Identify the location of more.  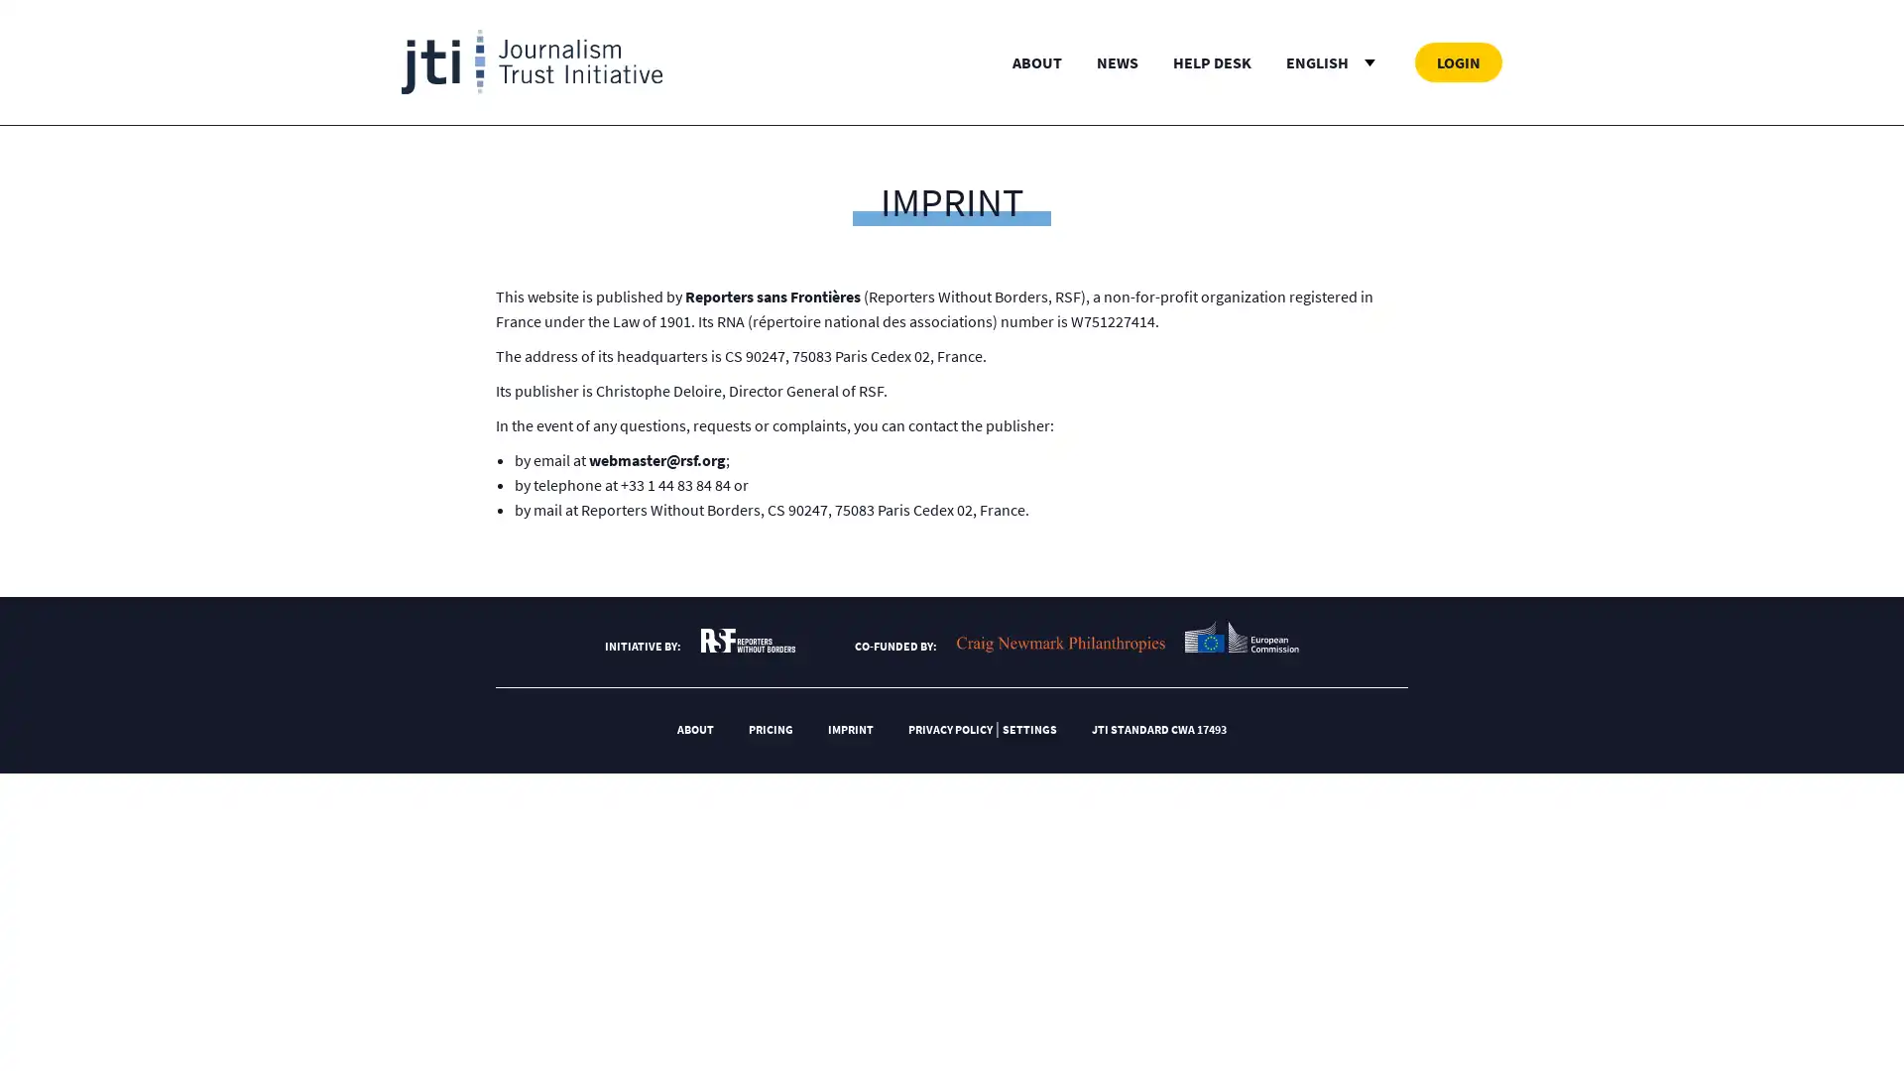
(809, 555).